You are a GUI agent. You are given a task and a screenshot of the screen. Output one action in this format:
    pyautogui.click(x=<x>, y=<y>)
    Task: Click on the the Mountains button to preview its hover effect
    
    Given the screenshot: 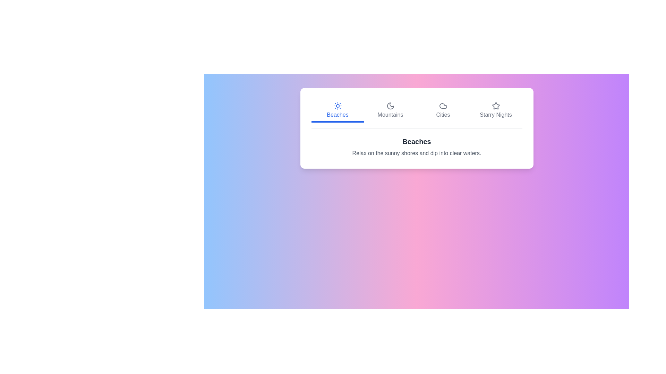 What is the action you would take?
    pyautogui.click(x=390, y=110)
    